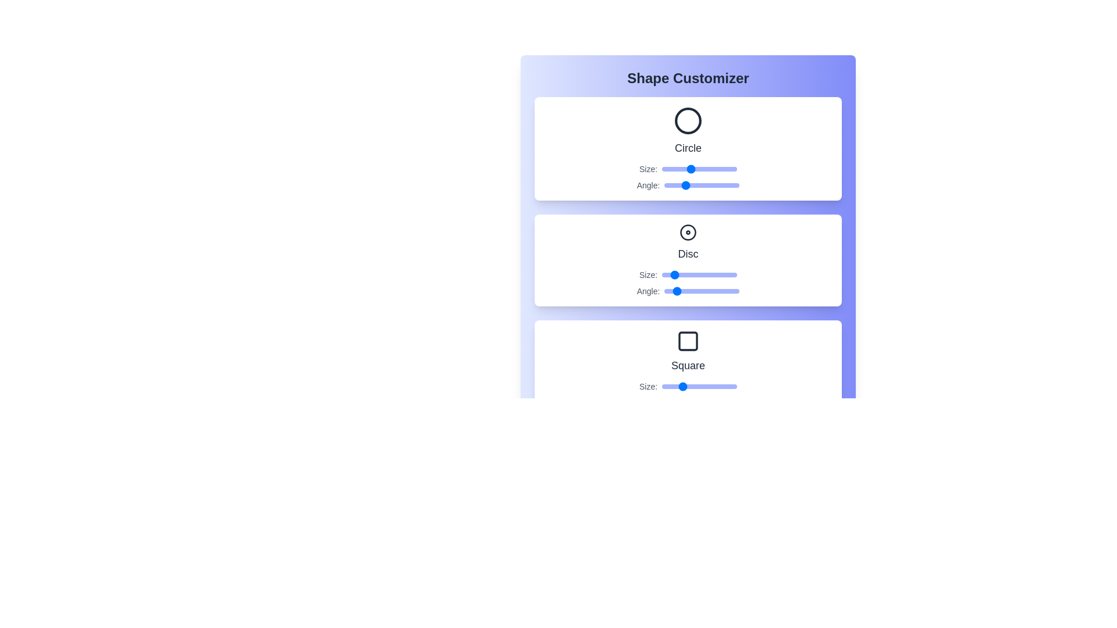 The image size is (1117, 628). I want to click on the Square's angle slider to 133 degrees, so click(692, 402).